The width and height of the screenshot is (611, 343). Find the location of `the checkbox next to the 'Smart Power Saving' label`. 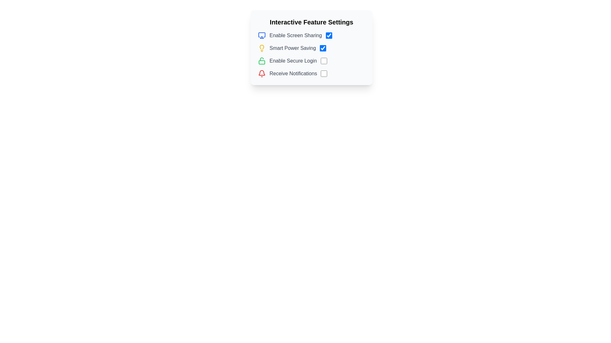

the checkbox next to the 'Smart Power Saving' label is located at coordinates (312, 48).